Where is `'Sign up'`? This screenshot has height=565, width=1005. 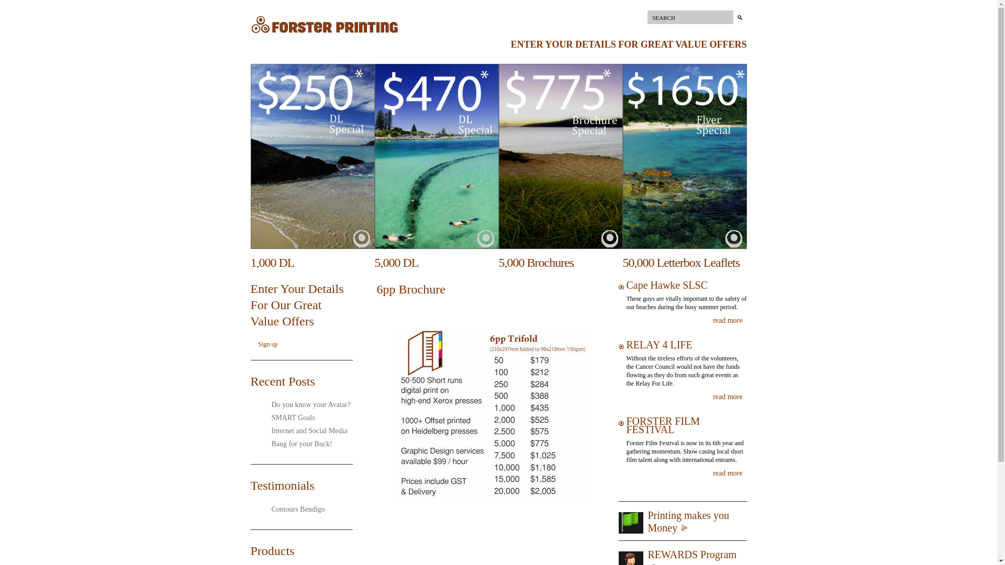 'Sign up' is located at coordinates (268, 344).